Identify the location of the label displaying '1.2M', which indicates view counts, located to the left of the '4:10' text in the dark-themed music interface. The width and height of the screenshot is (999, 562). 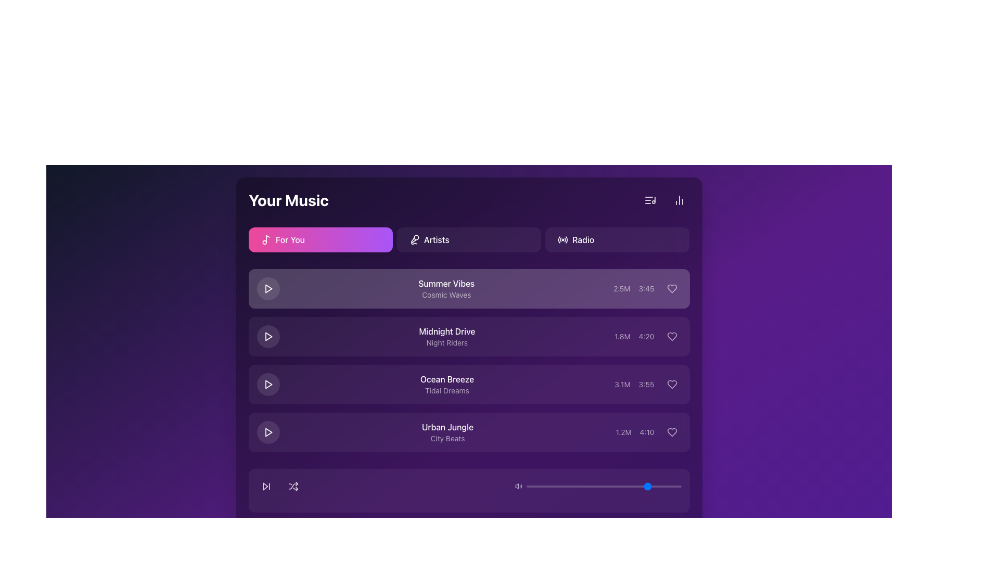
(623, 432).